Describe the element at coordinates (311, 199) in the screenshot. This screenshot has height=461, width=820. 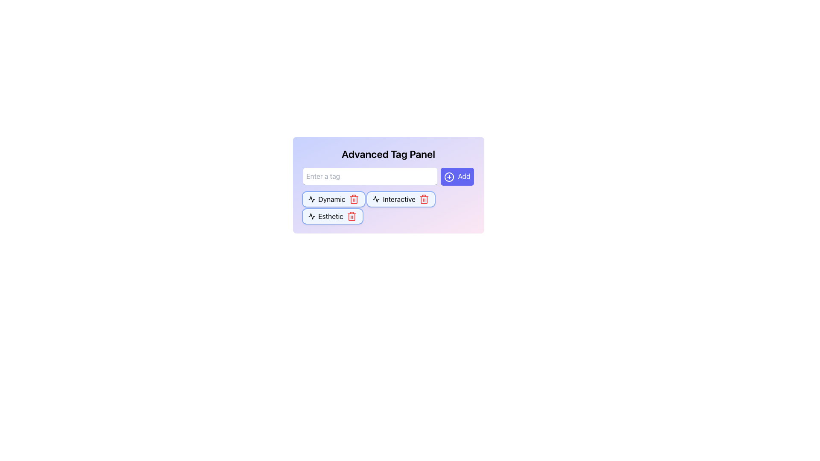
I see `the second icon among a row of action buttons adjacent to tags labeled 'Dynamic' and 'Interactive'` at that location.